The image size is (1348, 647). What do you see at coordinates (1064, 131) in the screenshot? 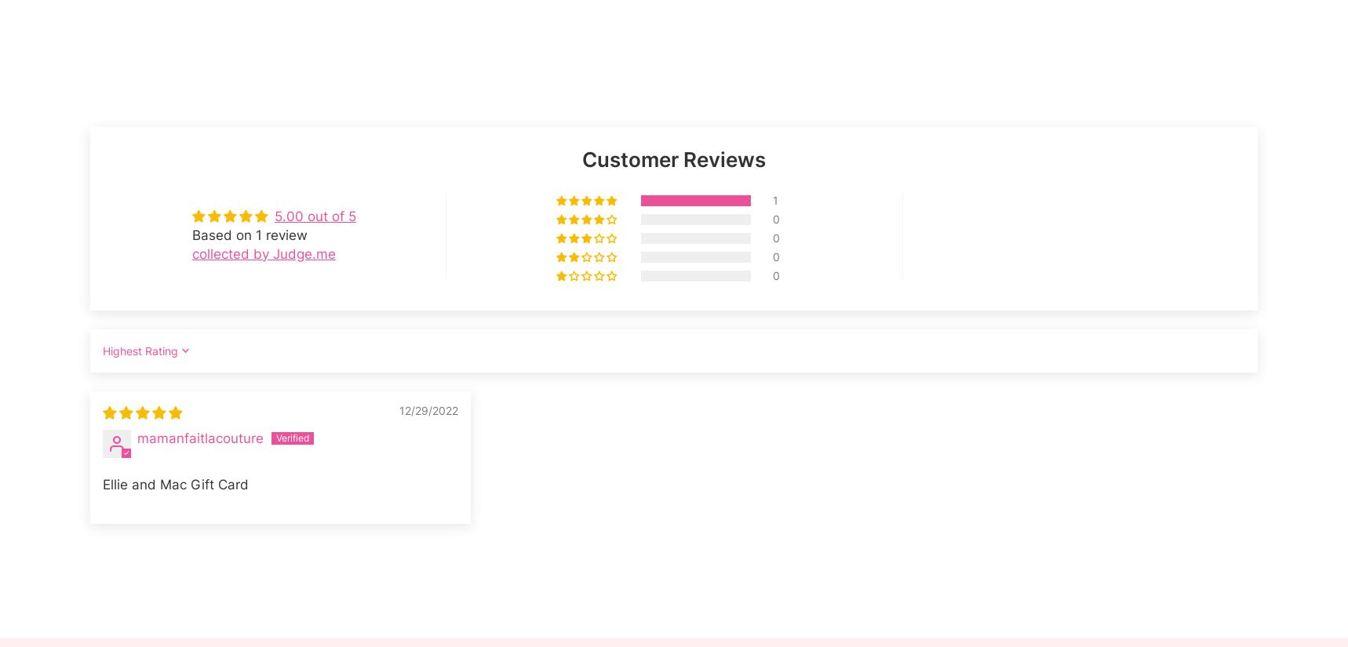
I see `'Your e-mail'` at bounding box center [1064, 131].